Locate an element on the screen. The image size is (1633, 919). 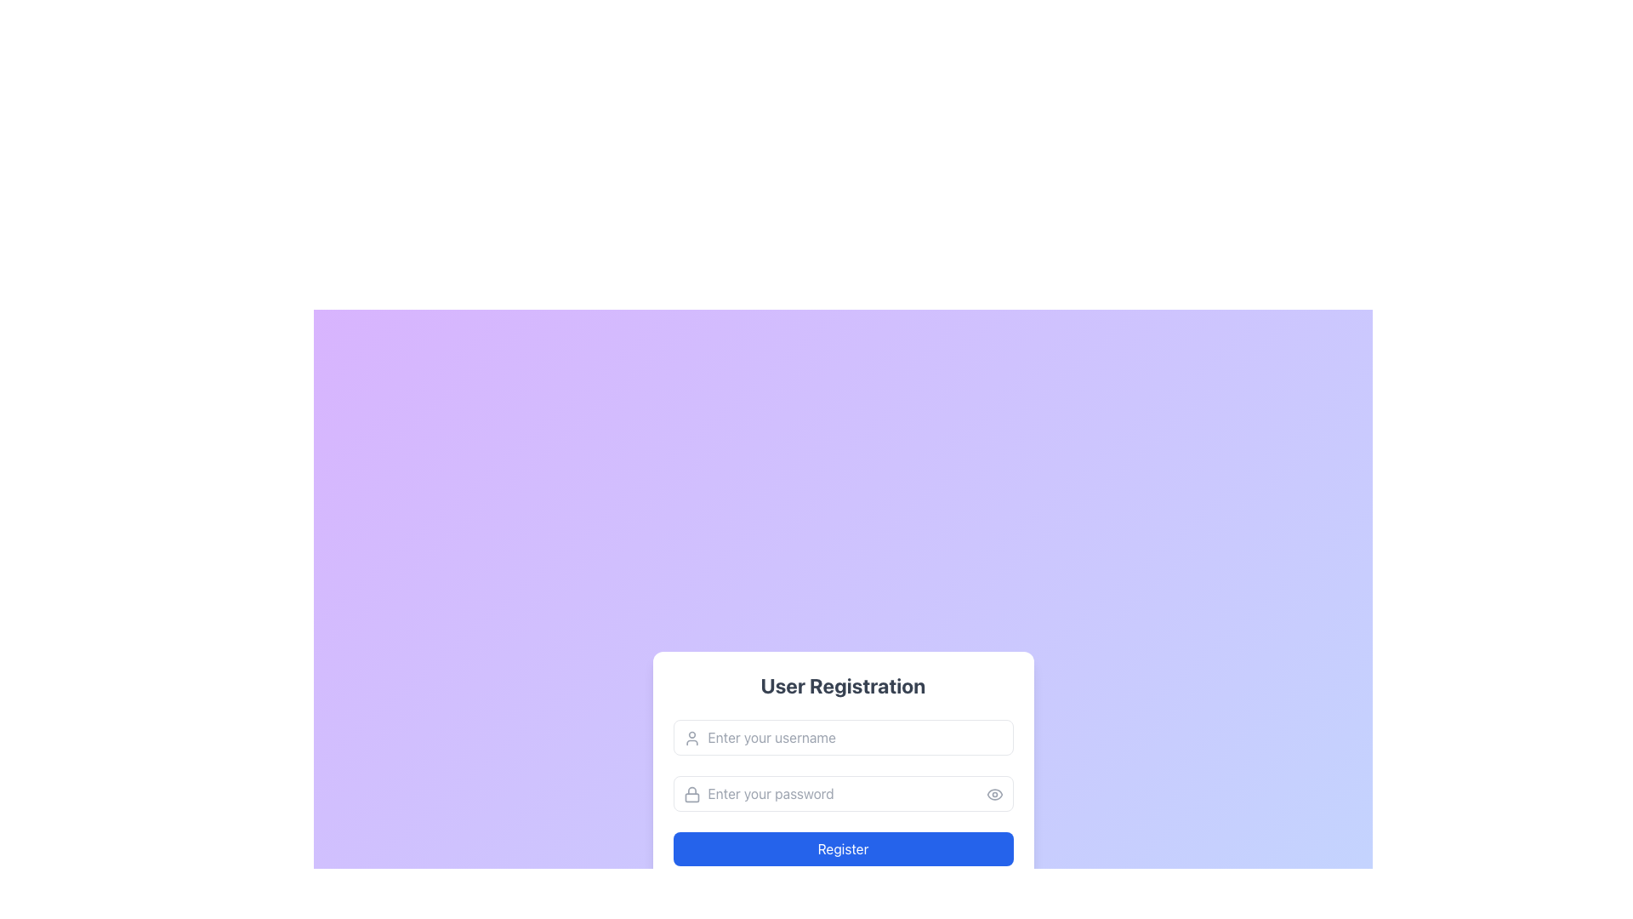
the Decorative SVG rectangle that is part of the lock graphic, located to the left of the password input field on the user registration form is located at coordinates (691, 797).